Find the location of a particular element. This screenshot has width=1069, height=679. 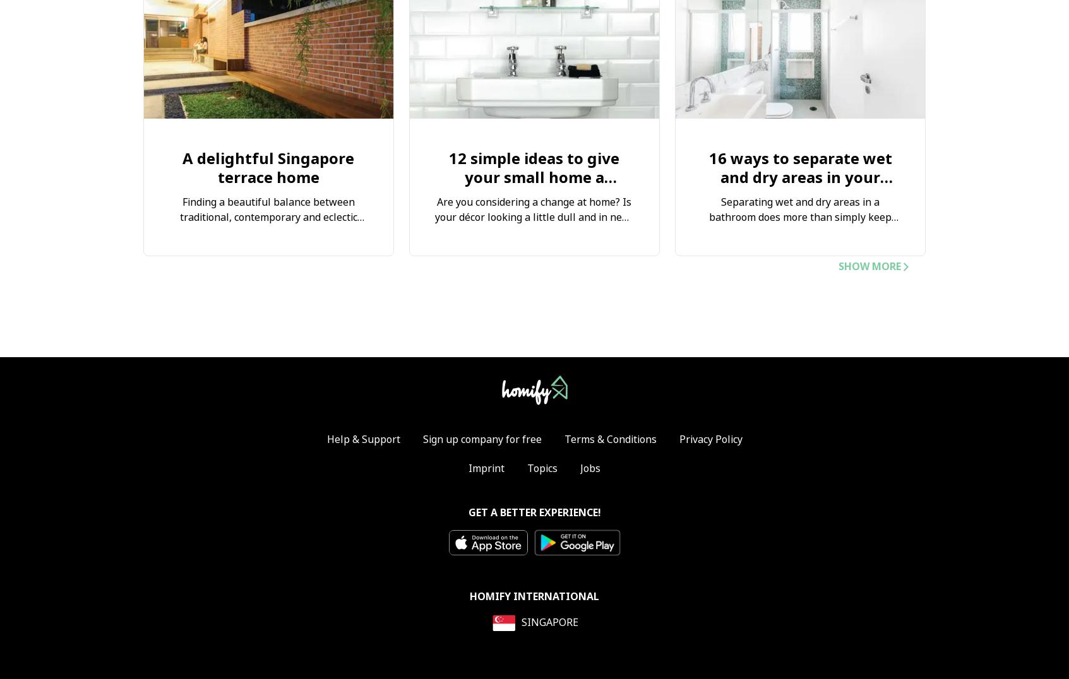

'12 simple ideas to give your small home a spectacular touch' is located at coordinates (533, 176).